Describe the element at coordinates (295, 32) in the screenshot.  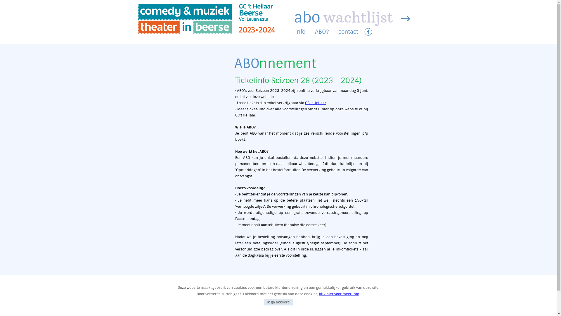
I see `'info'` at that location.